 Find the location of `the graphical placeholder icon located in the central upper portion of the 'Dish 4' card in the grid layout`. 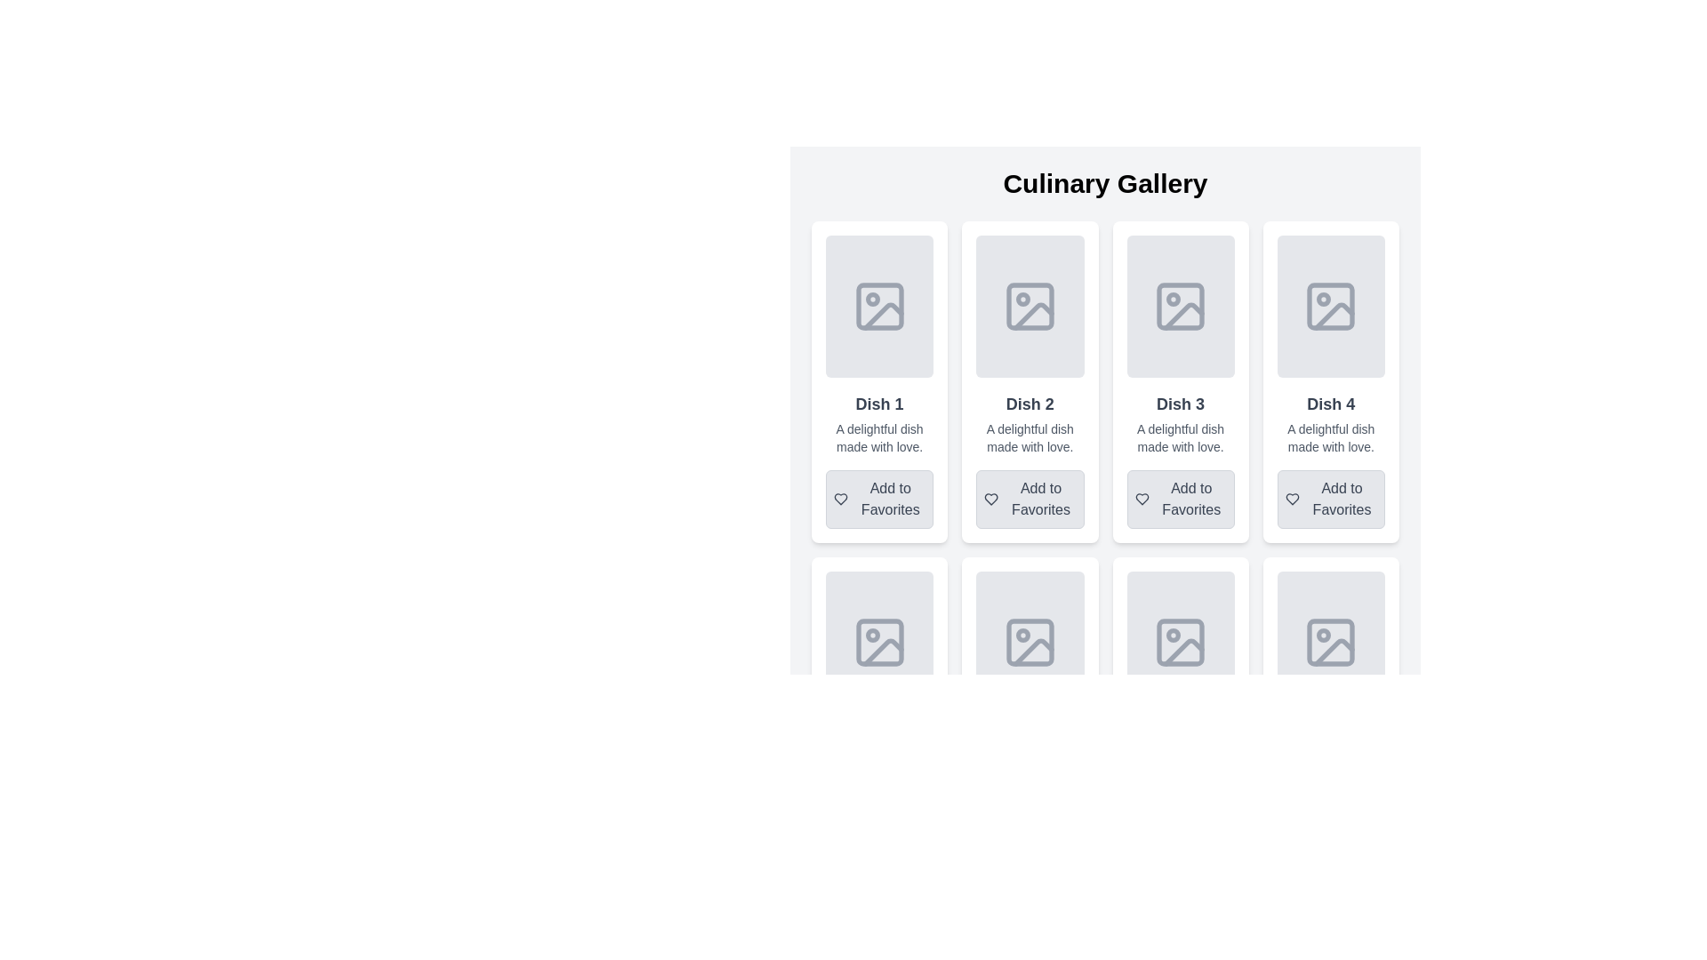

the graphical placeholder icon located in the central upper portion of the 'Dish 4' card in the grid layout is located at coordinates (1331, 305).